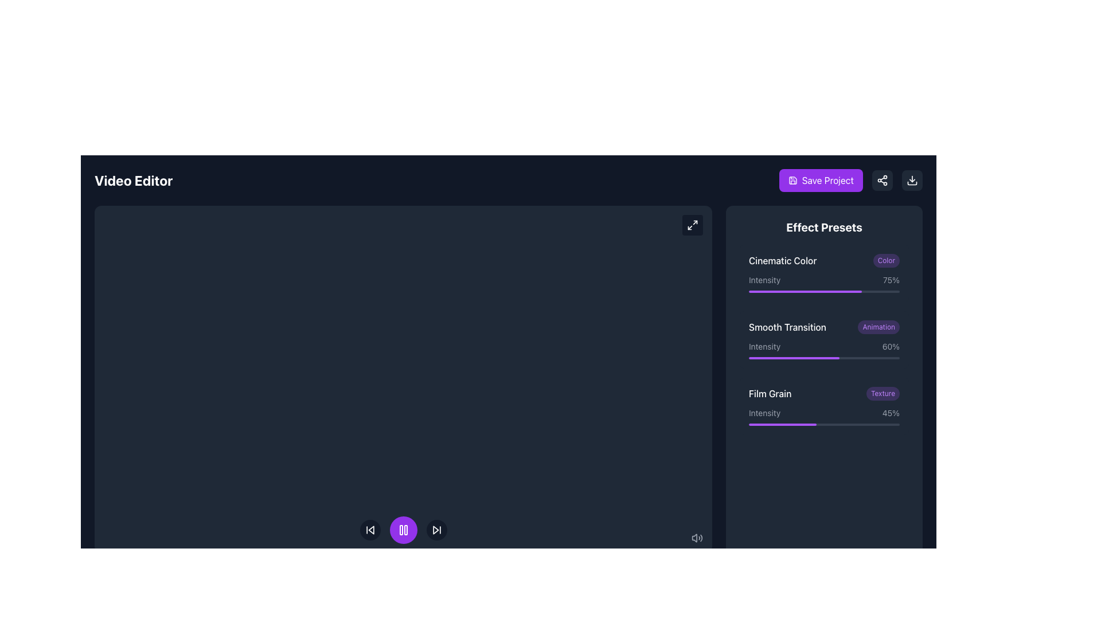 Image resolution: width=1101 pixels, height=619 pixels. I want to click on Cinematic Color Intensity, so click(860, 291).